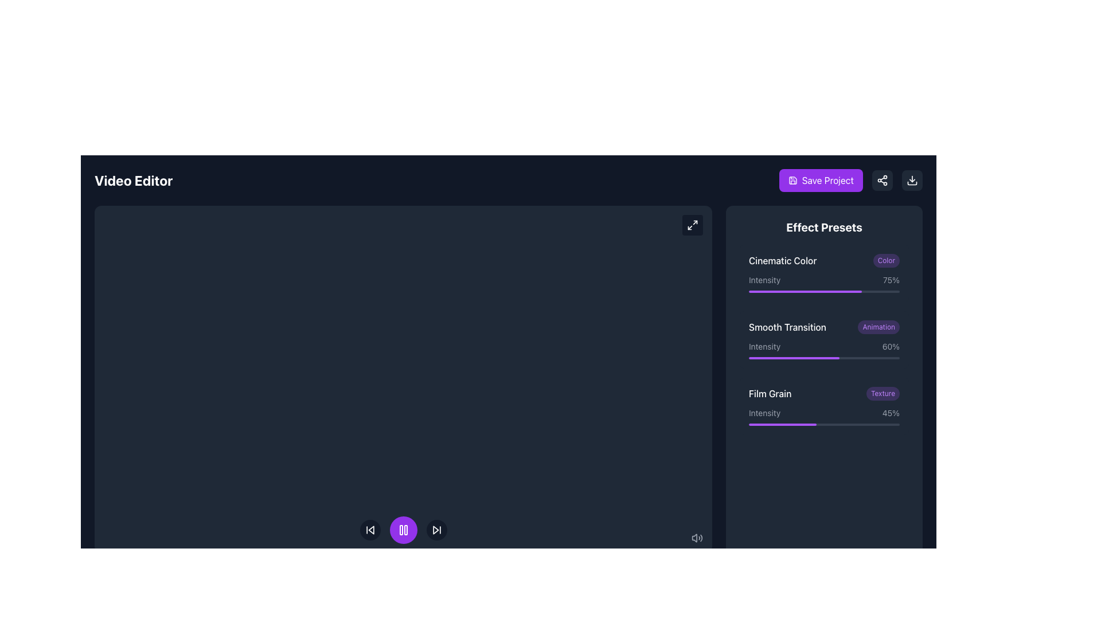 Image resolution: width=1101 pixels, height=619 pixels. I want to click on Cinematic Color Intensity, so click(860, 291).